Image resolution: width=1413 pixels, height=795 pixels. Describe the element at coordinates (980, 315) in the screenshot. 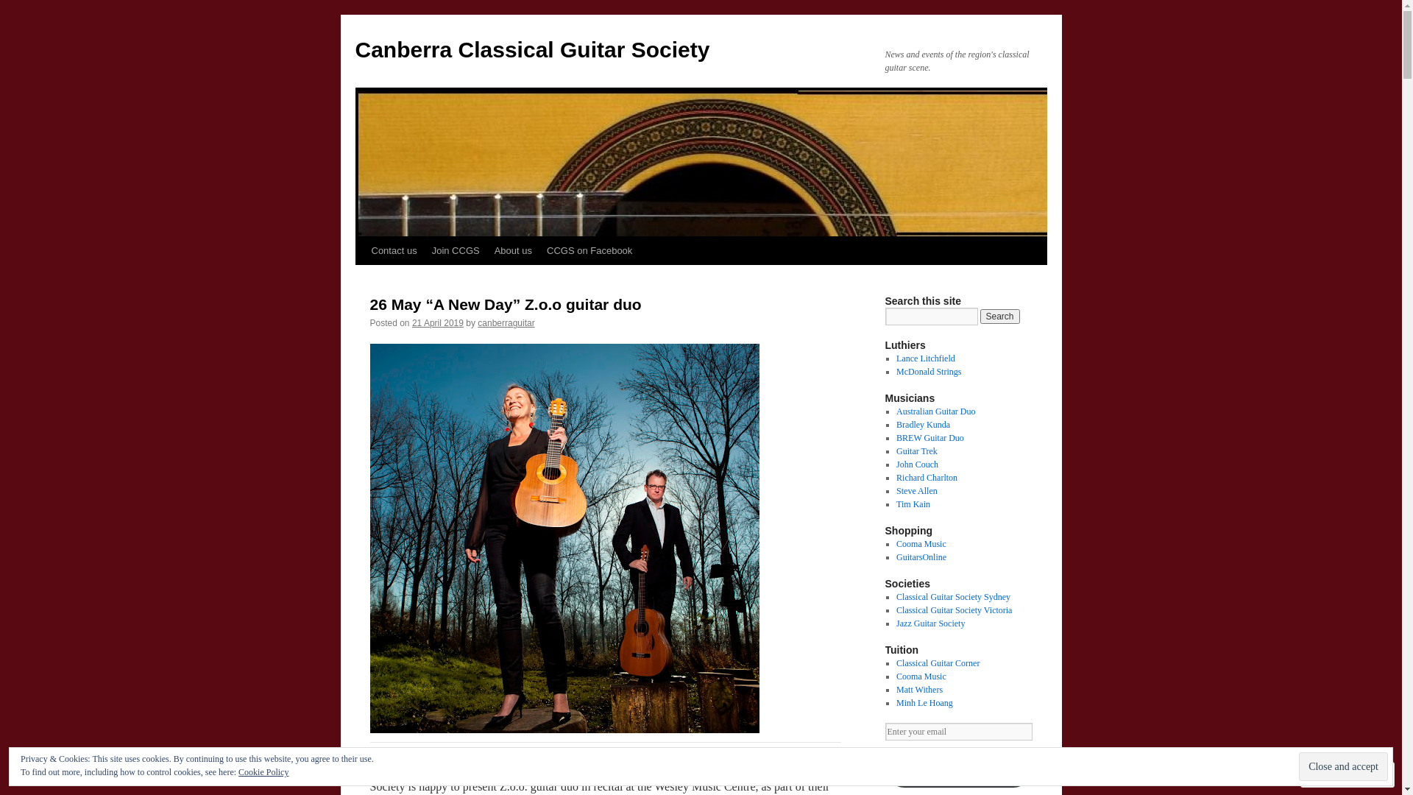

I see `'Search'` at that location.